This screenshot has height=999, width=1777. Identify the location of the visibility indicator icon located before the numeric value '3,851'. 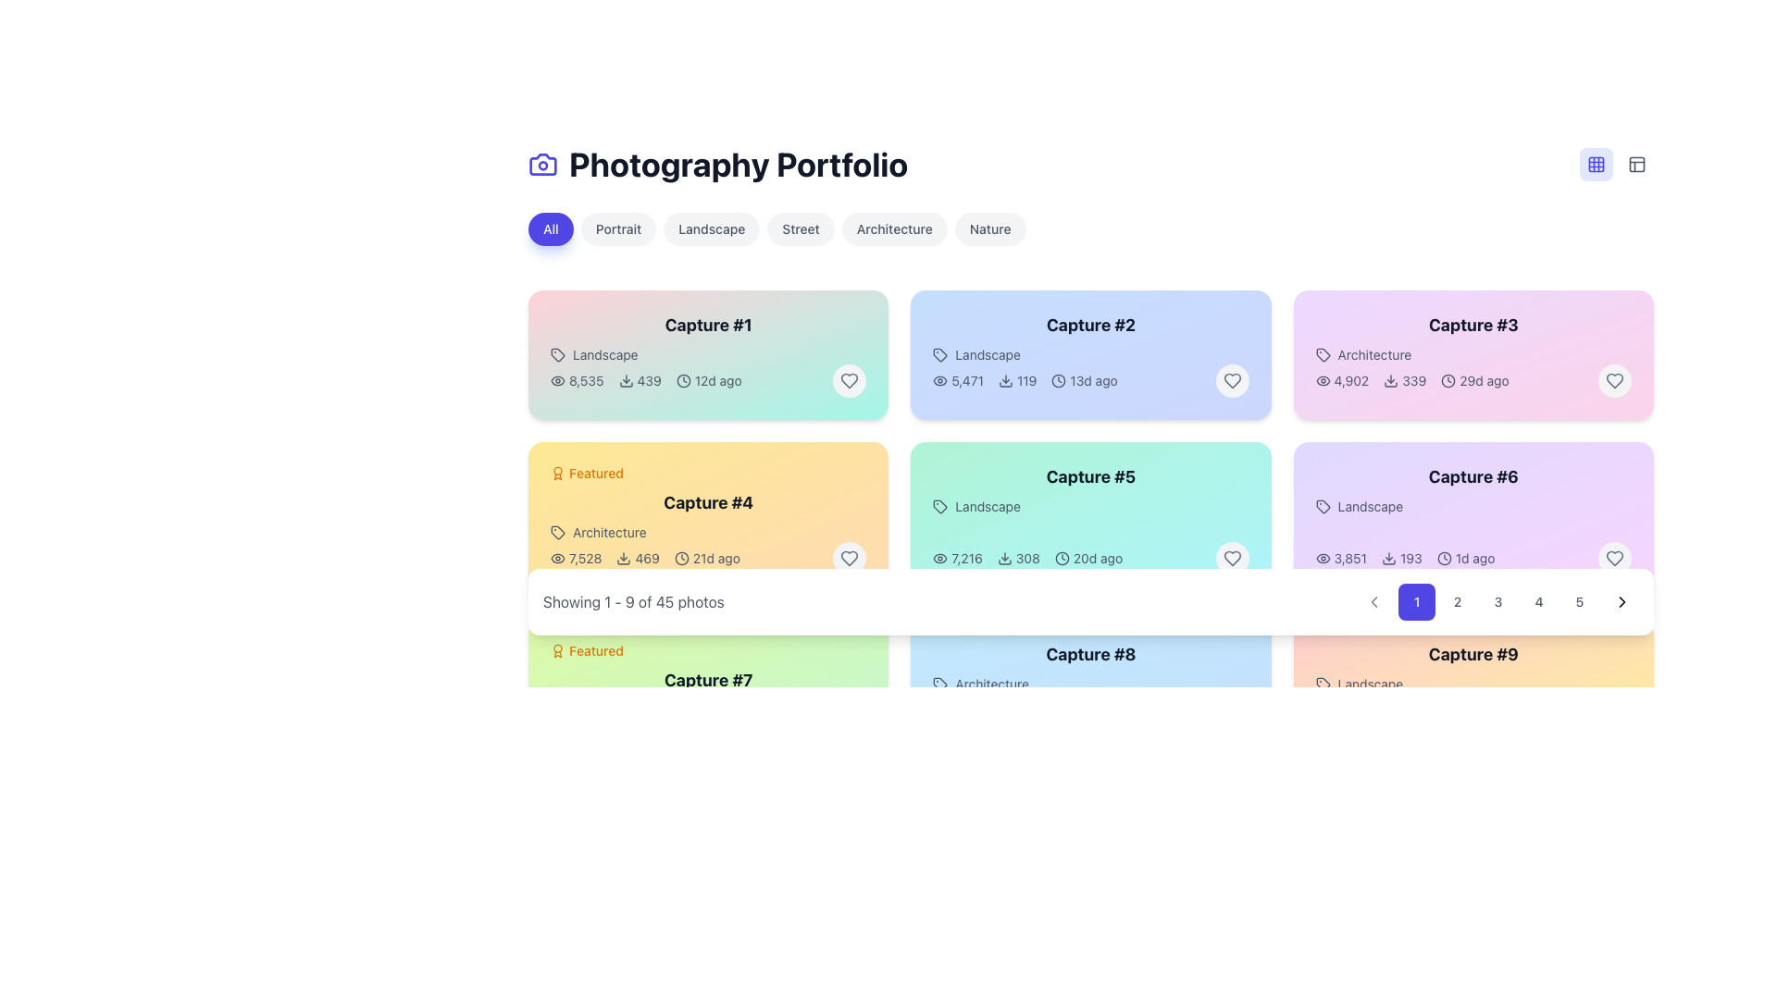
(1322, 558).